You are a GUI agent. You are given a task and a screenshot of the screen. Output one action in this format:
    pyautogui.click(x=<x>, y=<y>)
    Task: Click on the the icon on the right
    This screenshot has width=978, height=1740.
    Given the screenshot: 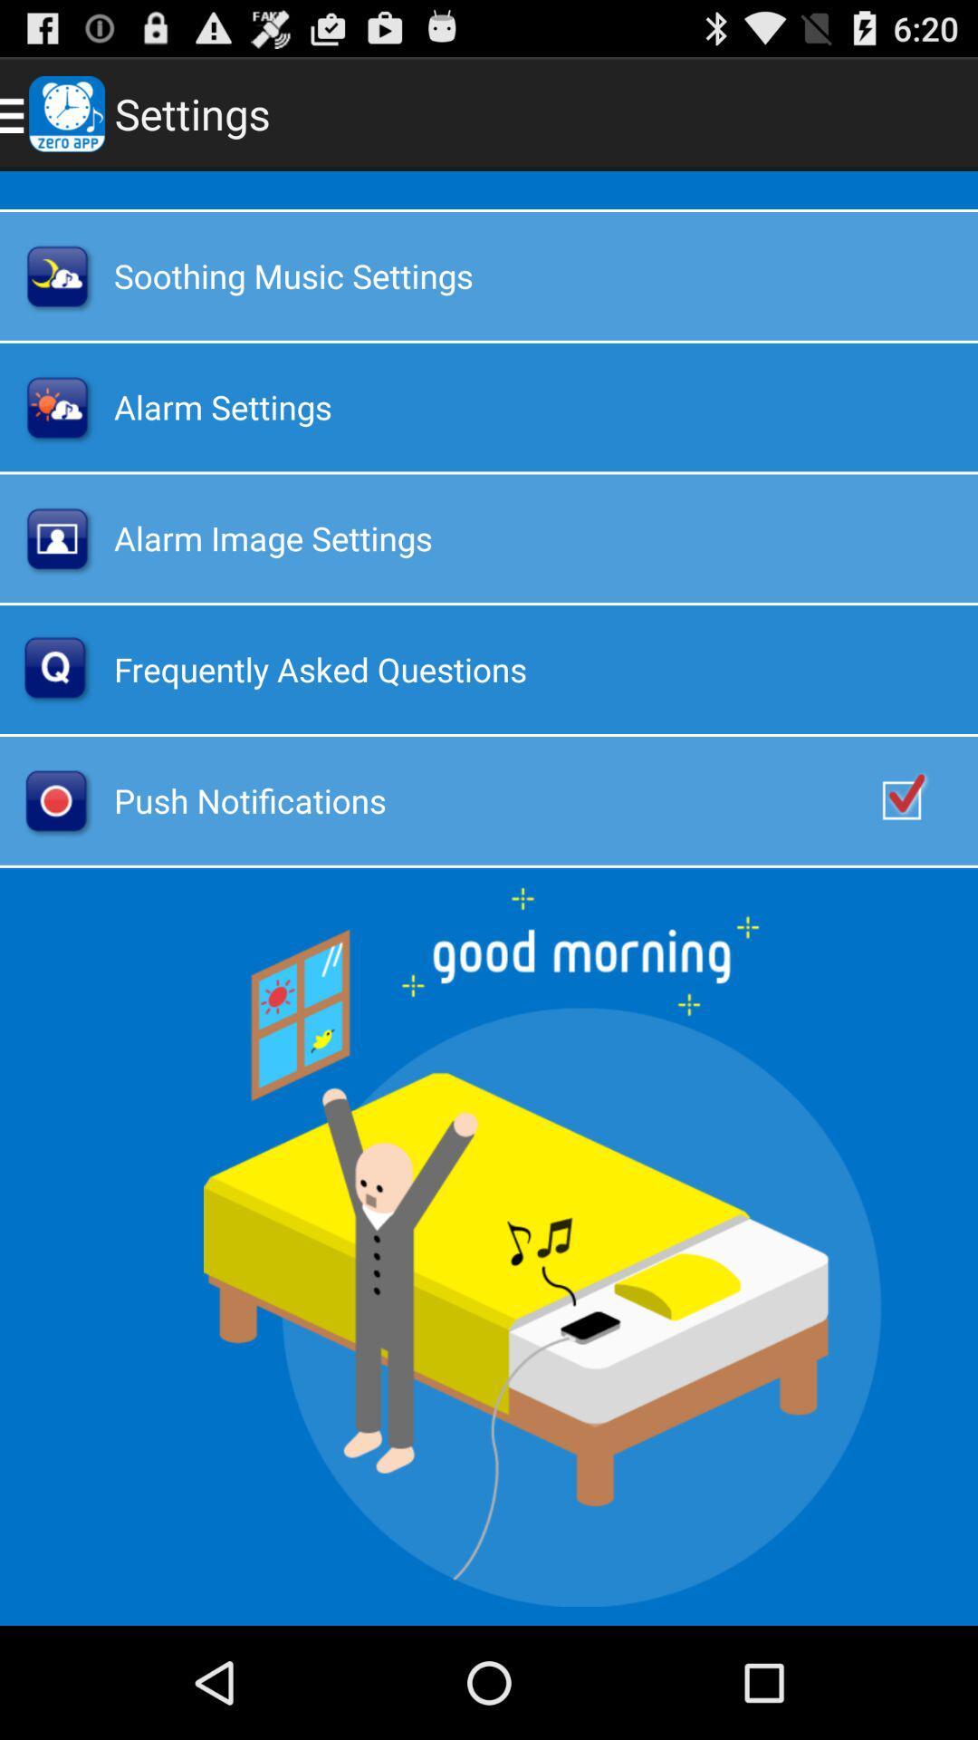 What is the action you would take?
    pyautogui.click(x=921, y=799)
    